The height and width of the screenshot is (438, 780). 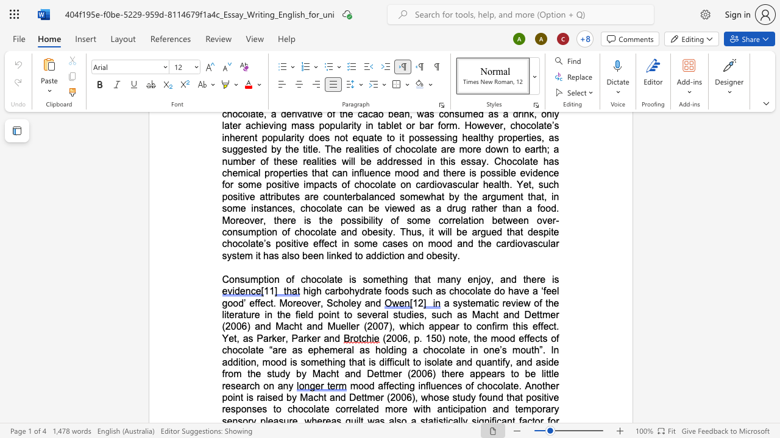 I want to click on the space between the continuous character "e" and "t" in the text, so click(x=385, y=279).